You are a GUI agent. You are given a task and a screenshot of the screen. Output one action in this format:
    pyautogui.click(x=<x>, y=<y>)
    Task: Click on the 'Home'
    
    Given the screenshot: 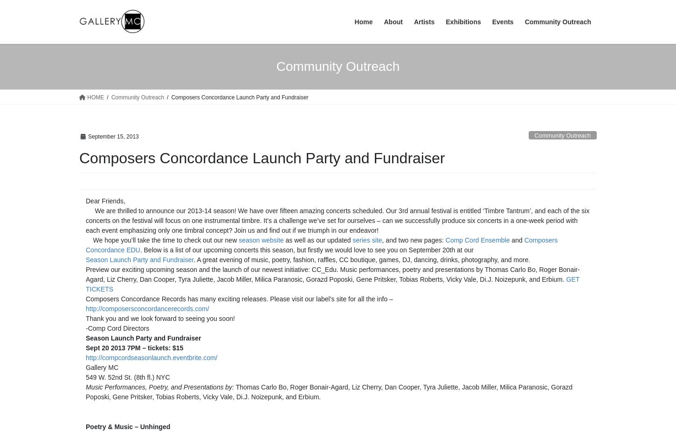 What is the action you would take?
    pyautogui.click(x=363, y=22)
    